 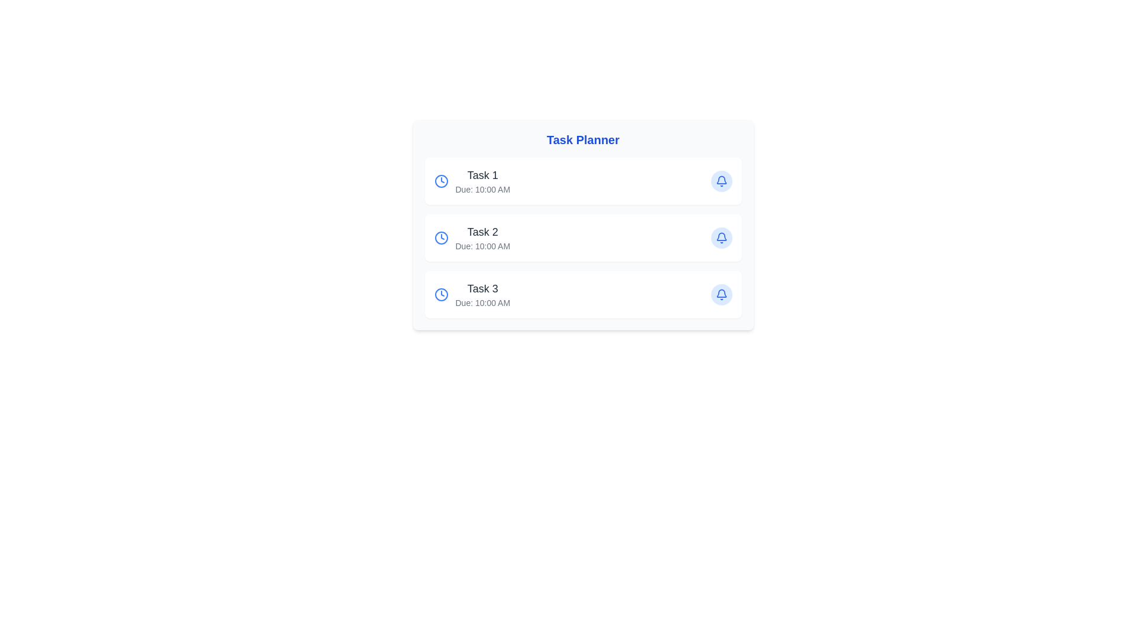 What do you see at coordinates (721, 181) in the screenshot?
I see `the notification management button located at the far right inside the first task row labeled 'Task 1'` at bounding box center [721, 181].